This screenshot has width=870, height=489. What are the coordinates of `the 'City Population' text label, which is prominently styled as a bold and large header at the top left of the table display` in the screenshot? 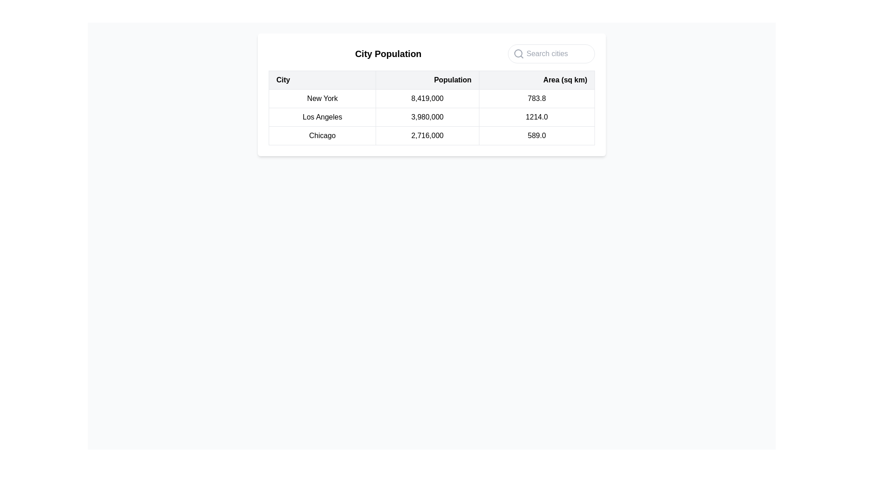 It's located at (388, 54).